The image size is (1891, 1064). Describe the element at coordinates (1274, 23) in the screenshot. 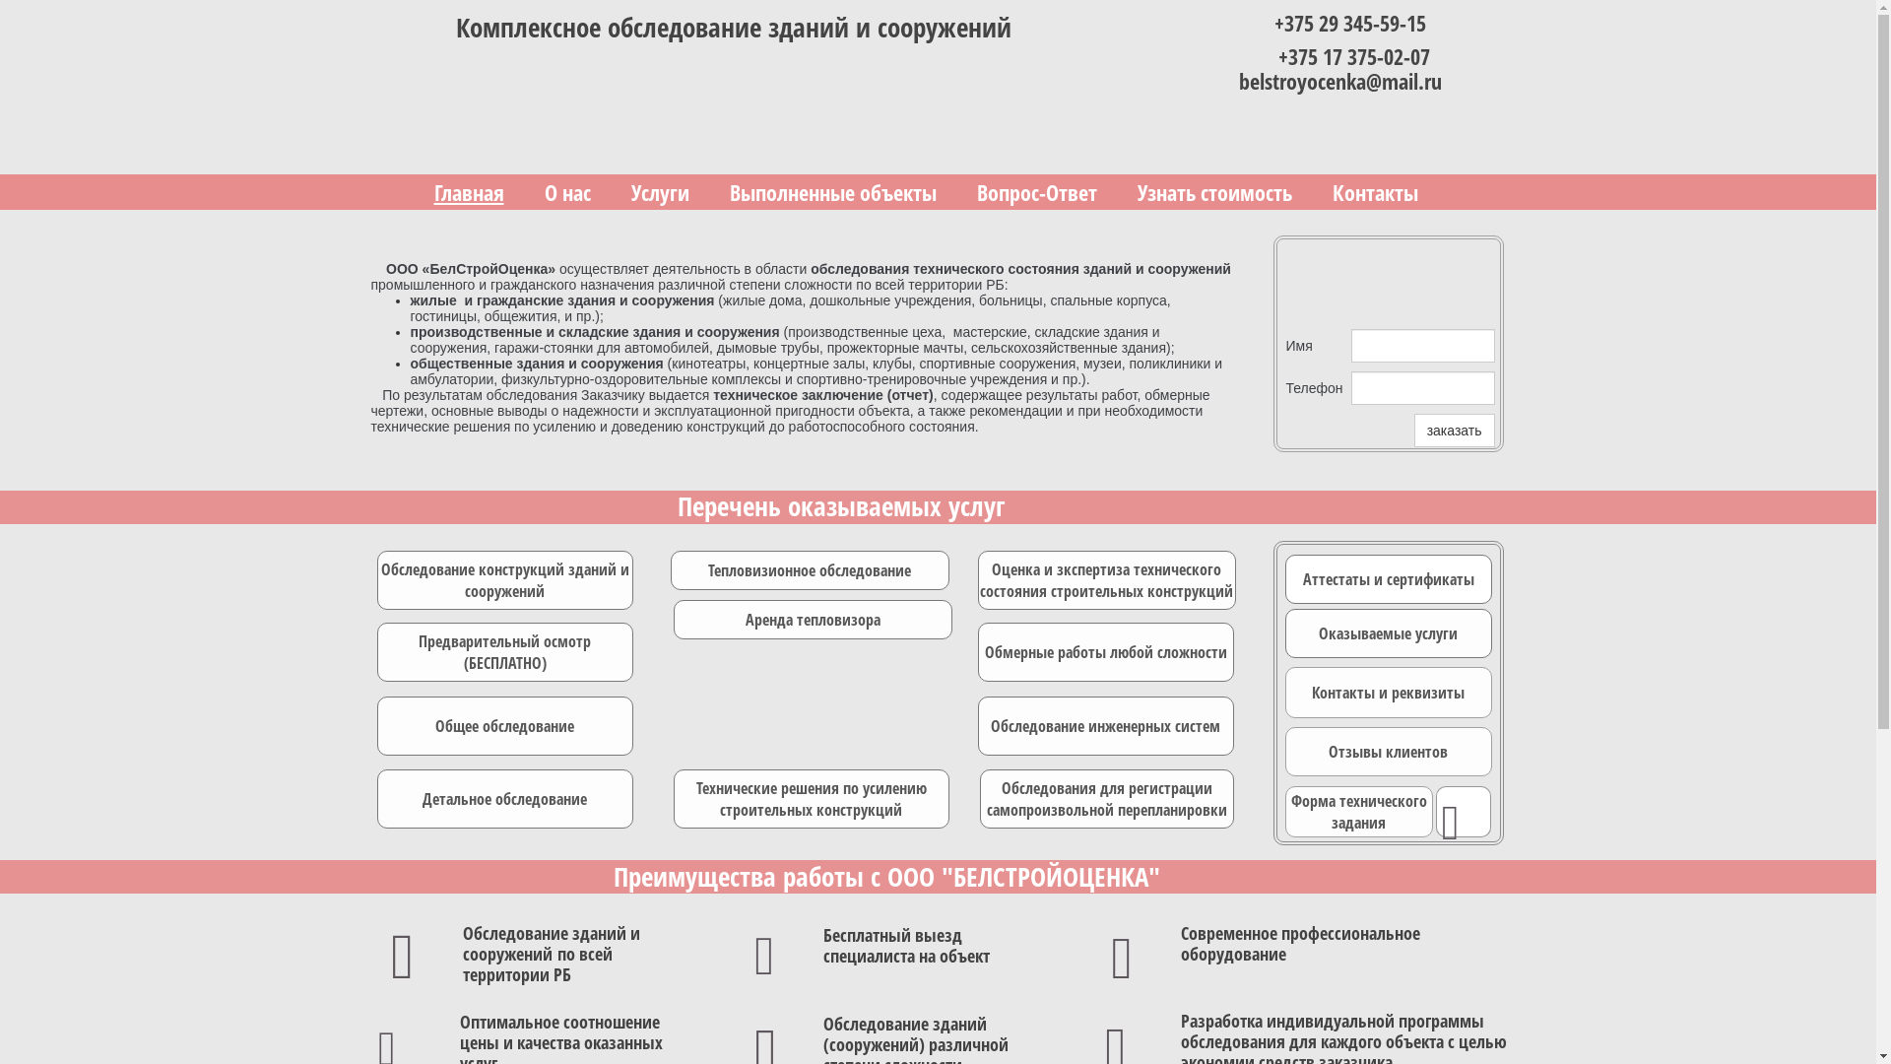

I see `'+375 29 345-59-15'` at that location.